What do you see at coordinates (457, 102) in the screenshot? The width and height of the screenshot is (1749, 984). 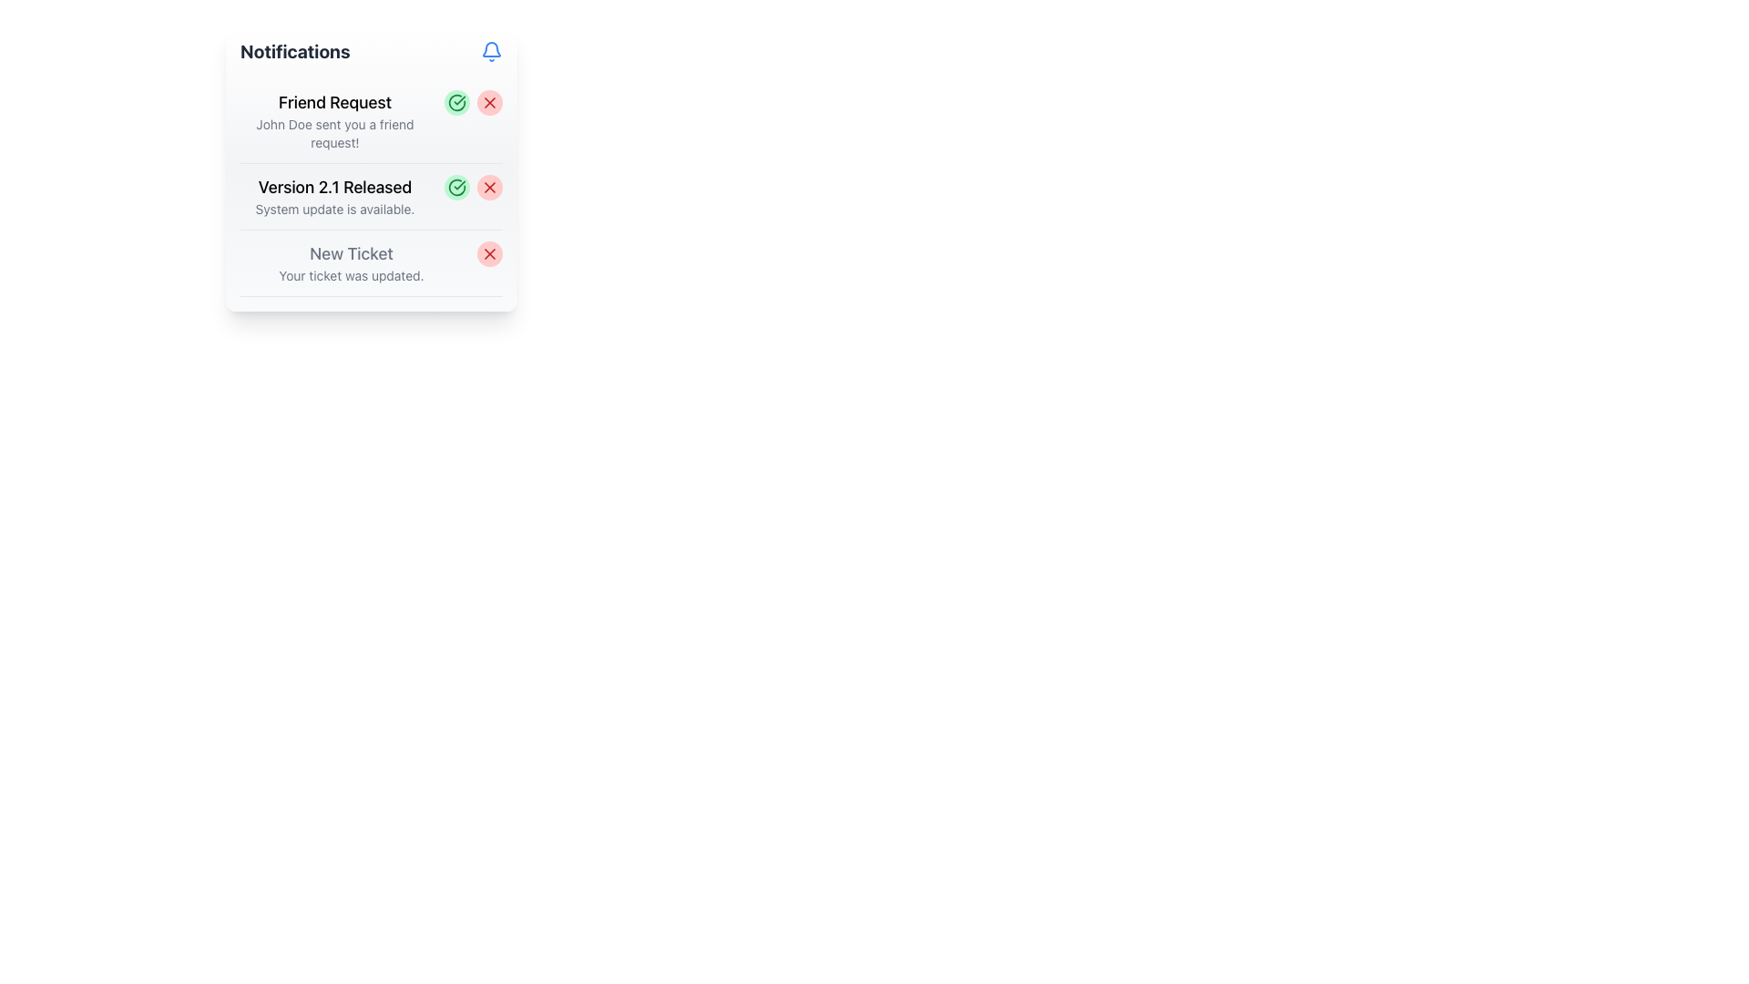 I see `the confirmation button located to the right of the 'Friend Request' text in the notification section to confirm the request` at bounding box center [457, 102].